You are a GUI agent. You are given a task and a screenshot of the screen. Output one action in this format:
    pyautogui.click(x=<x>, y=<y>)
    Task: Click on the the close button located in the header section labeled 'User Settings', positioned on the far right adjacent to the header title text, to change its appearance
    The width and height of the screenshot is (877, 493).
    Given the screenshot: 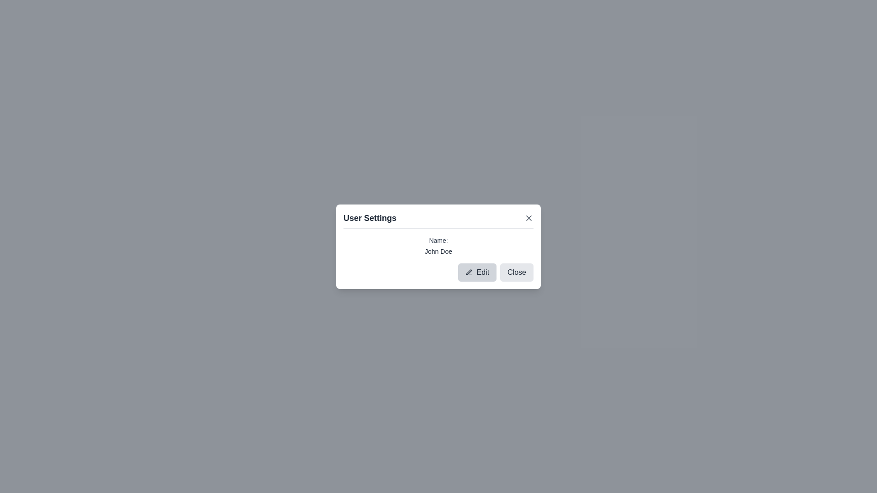 What is the action you would take?
    pyautogui.click(x=528, y=218)
    